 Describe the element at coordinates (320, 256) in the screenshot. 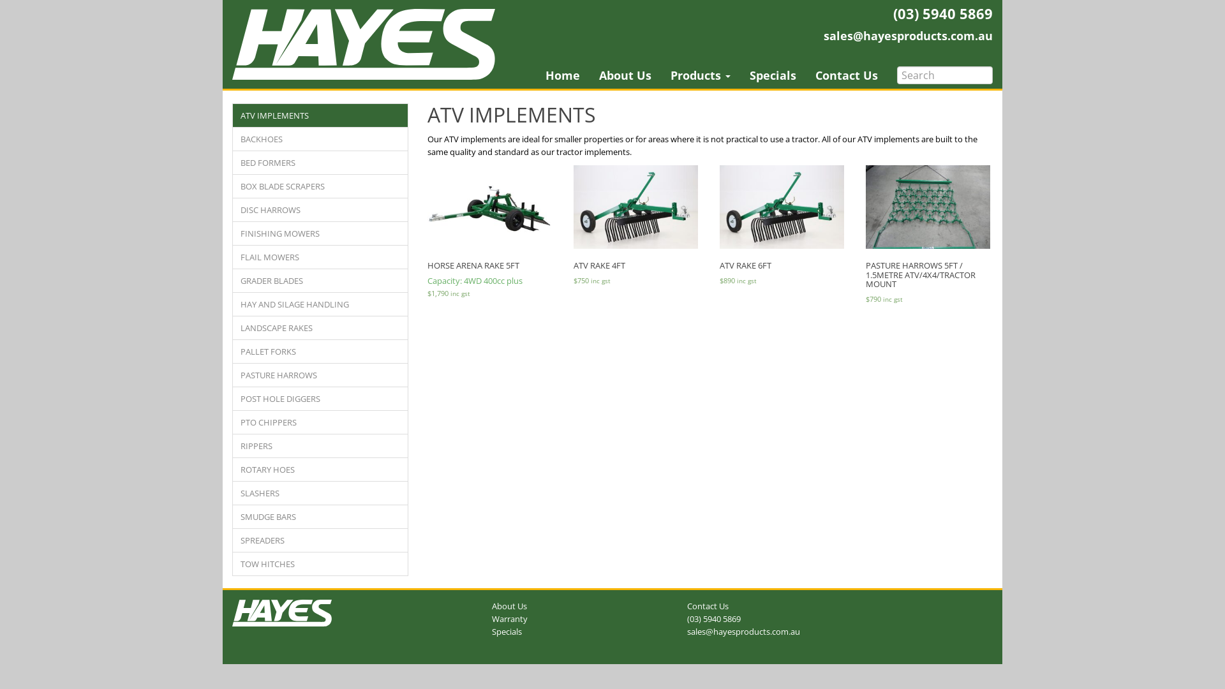

I see `'FLAIL MOWERS'` at that location.